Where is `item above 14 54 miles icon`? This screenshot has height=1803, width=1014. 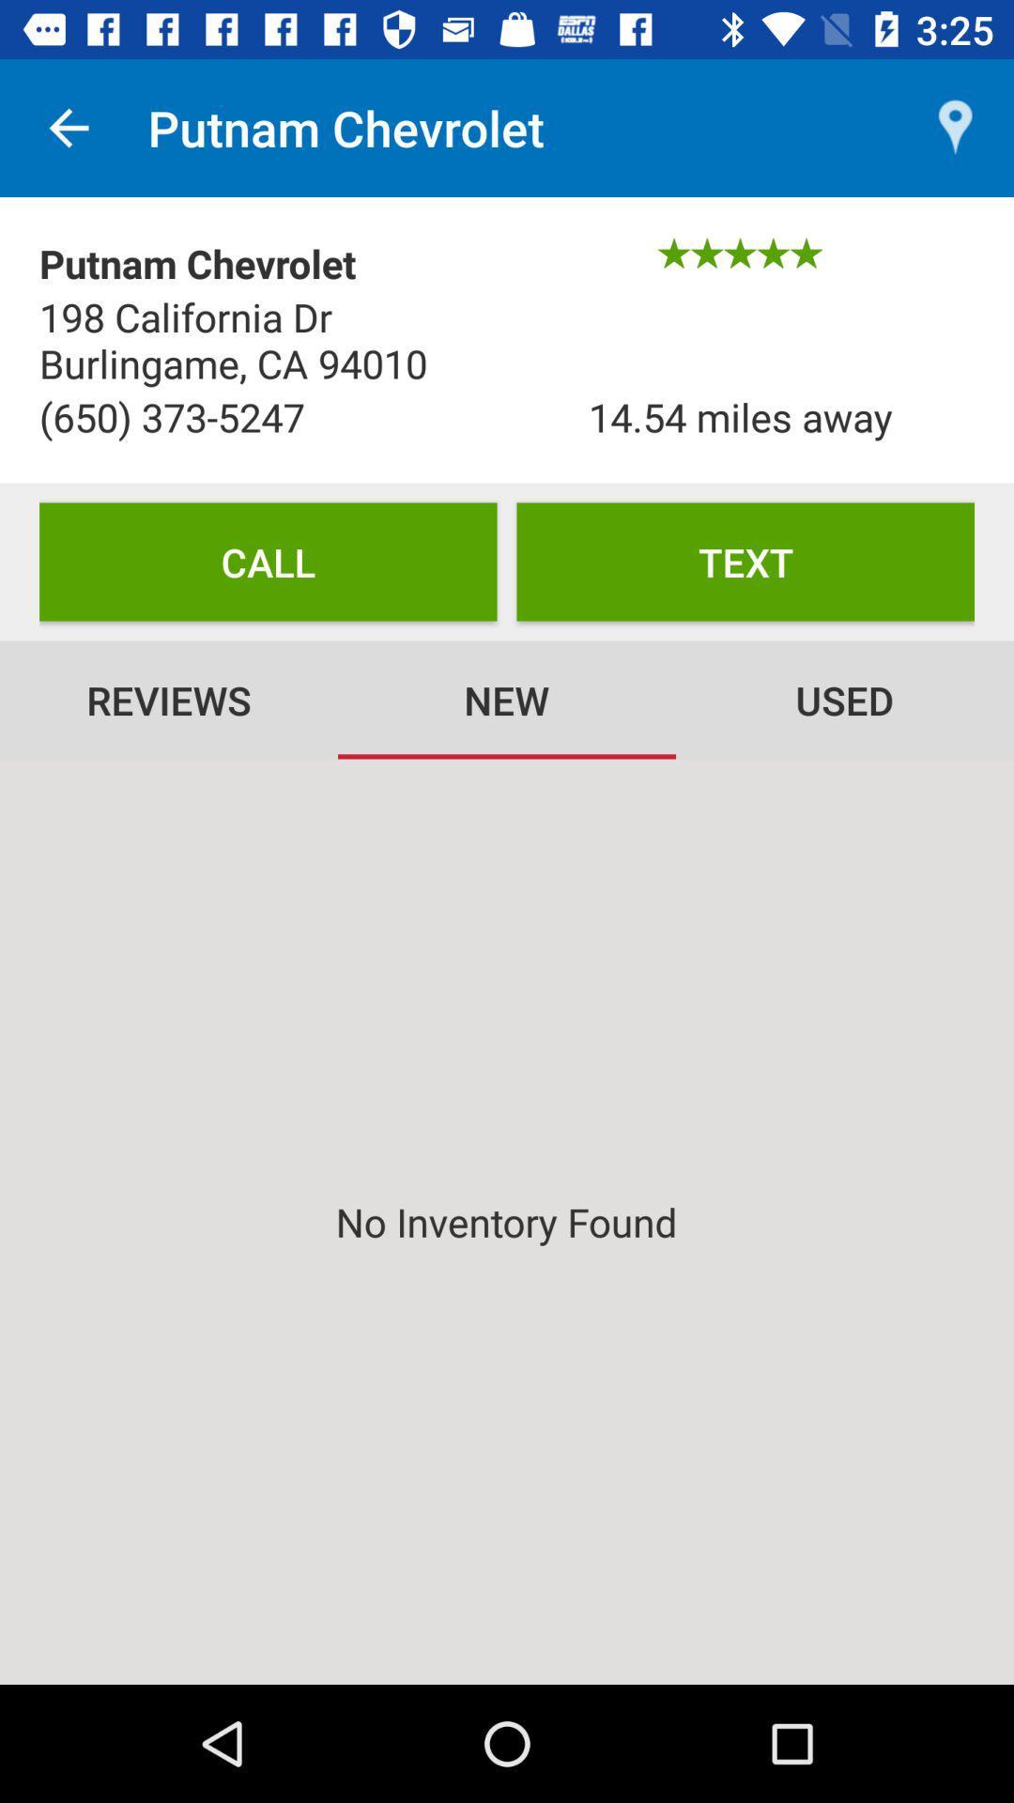 item above 14 54 miles icon is located at coordinates (955, 127).